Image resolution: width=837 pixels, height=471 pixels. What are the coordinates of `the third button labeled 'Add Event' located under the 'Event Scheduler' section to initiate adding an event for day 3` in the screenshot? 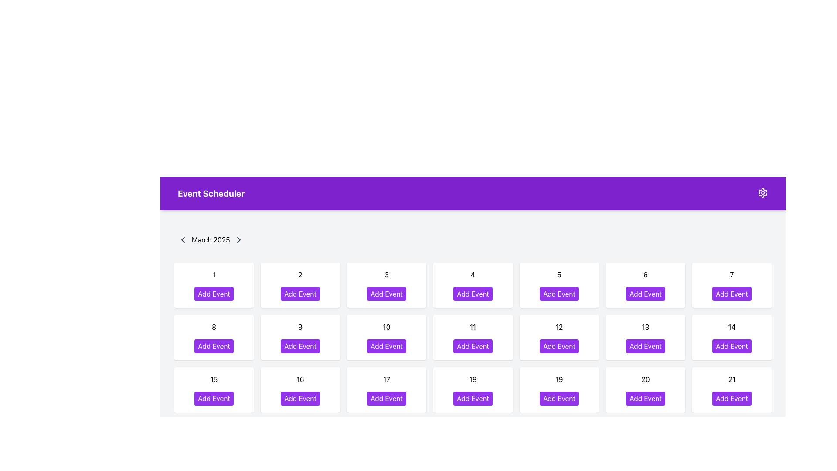 It's located at (386, 294).